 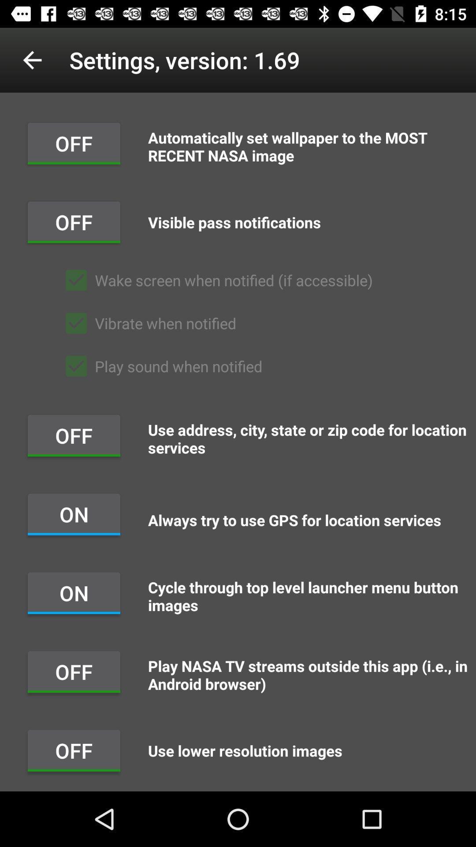 I want to click on the item below the off icon, so click(x=215, y=280).